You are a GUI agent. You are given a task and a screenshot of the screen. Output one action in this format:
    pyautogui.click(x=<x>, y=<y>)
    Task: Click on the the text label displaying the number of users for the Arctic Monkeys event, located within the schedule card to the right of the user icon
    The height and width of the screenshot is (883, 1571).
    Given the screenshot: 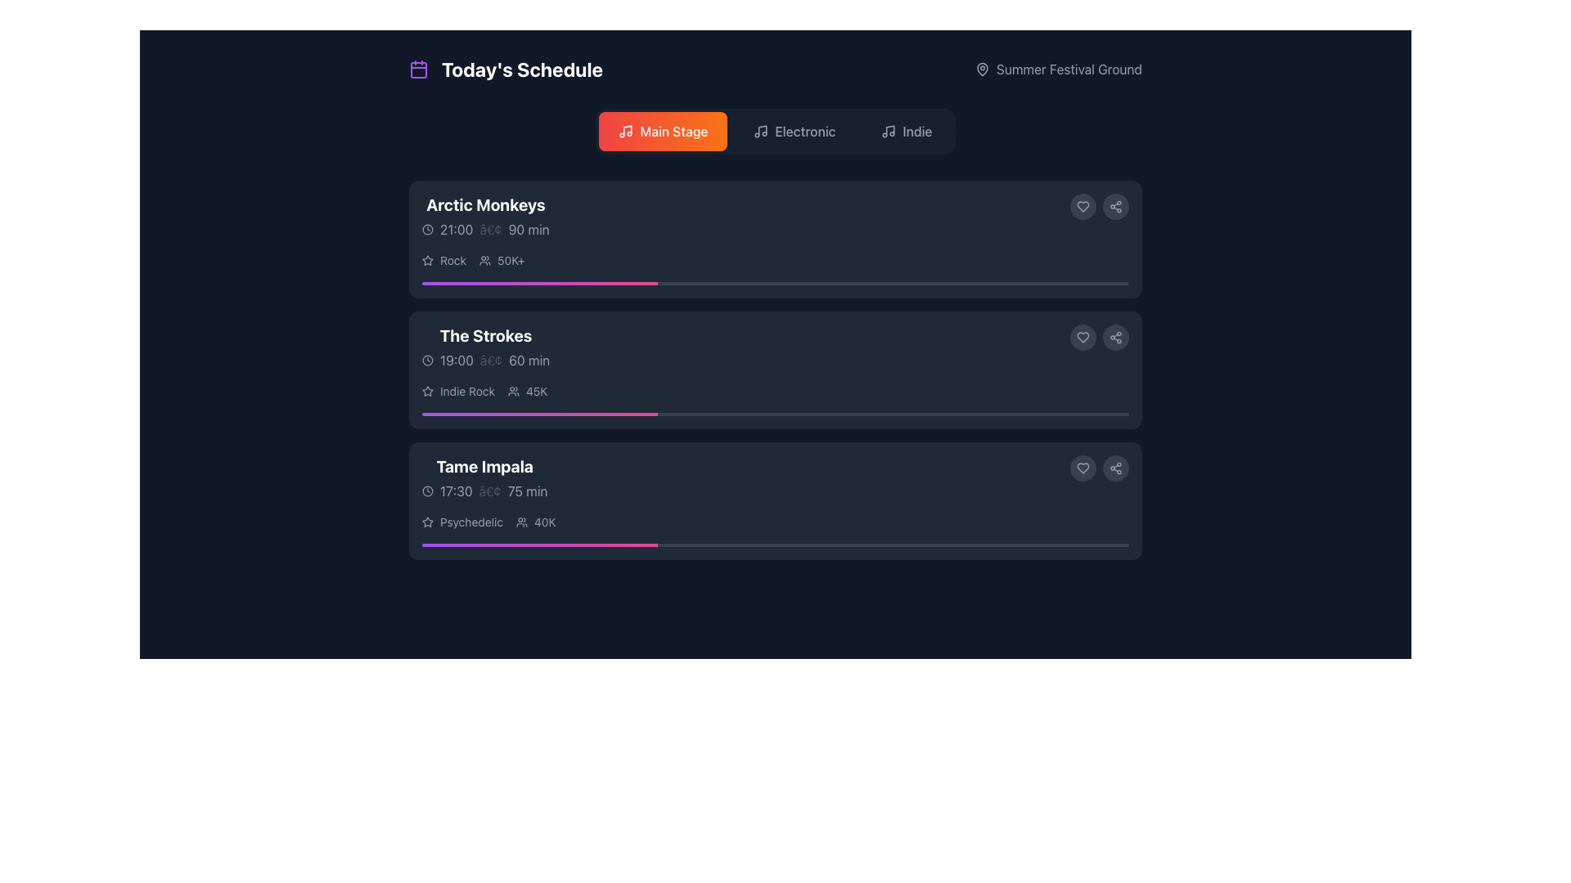 What is the action you would take?
    pyautogui.click(x=510, y=260)
    